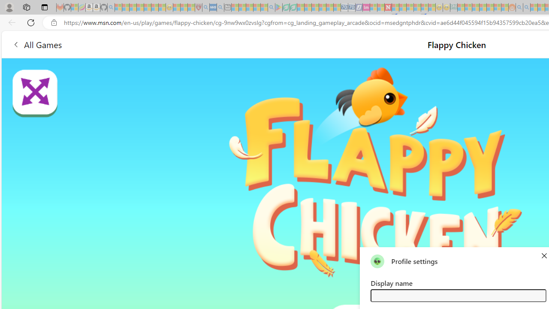  What do you see at coordinates (271, 7) in the screenshot?
I see `'google - Search - Sleeping'` at bounding box center [271, 7].